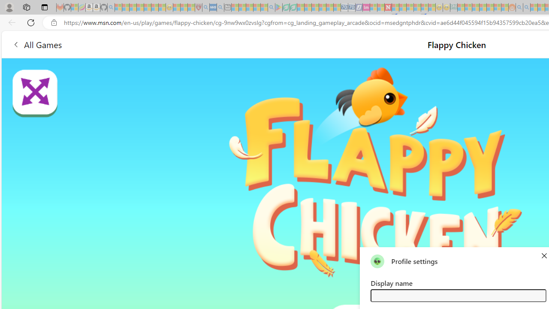  What do you see at coordinates (271, 7) in the screenshot?
I see `'google - Search - Sleeping'` at bounding box center [271, 7].